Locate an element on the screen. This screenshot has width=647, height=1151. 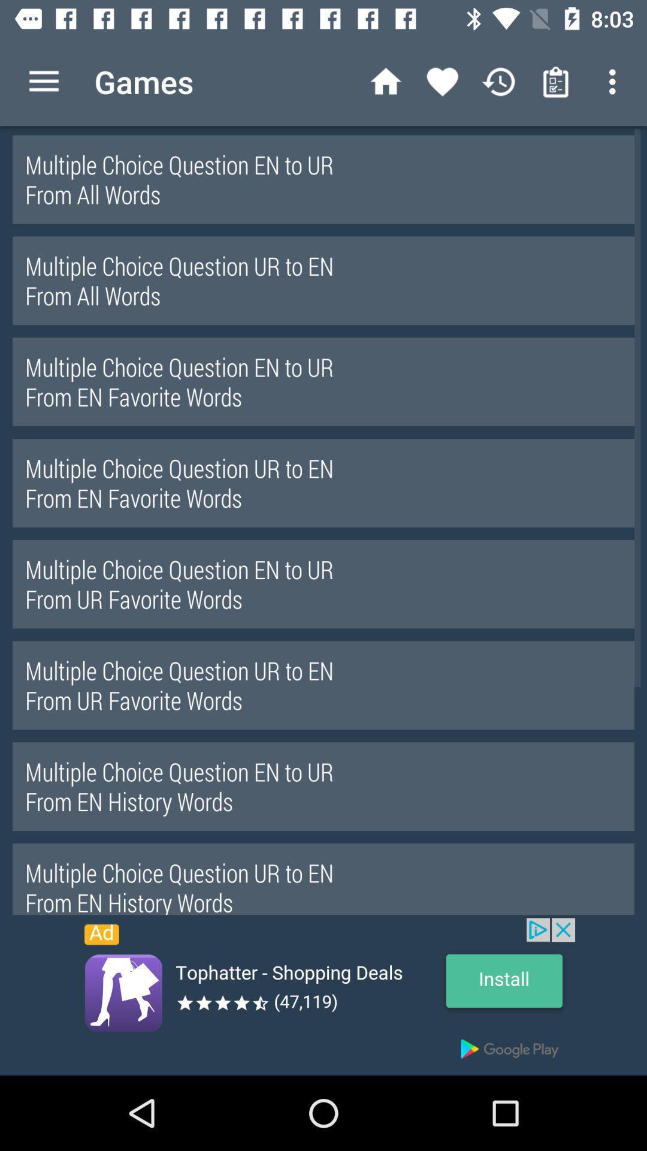
external advertisement page is located at coordinates (323, 996).